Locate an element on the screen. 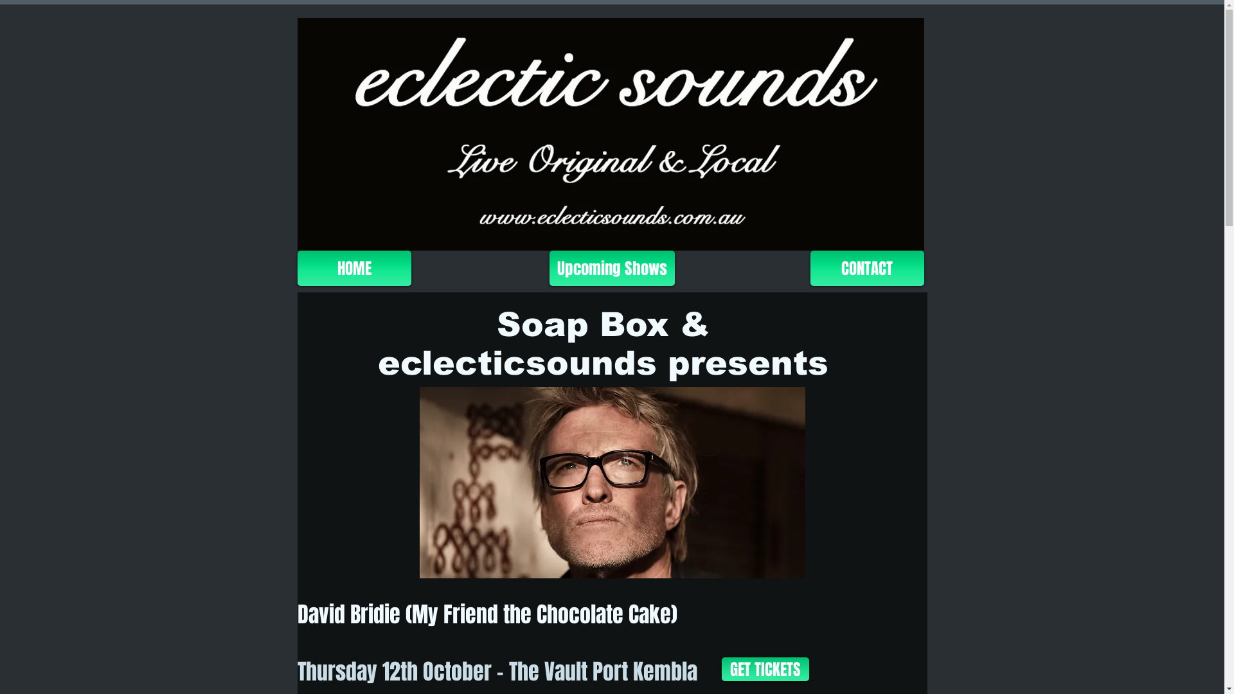 This screenshot has height=694, width=1234. 'Upcoming Shows' is located at coordinates (549, 267).